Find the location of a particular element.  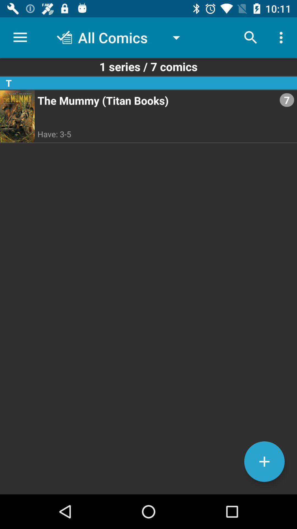

item above 1 series 7 is located at coordinates (20, 37).